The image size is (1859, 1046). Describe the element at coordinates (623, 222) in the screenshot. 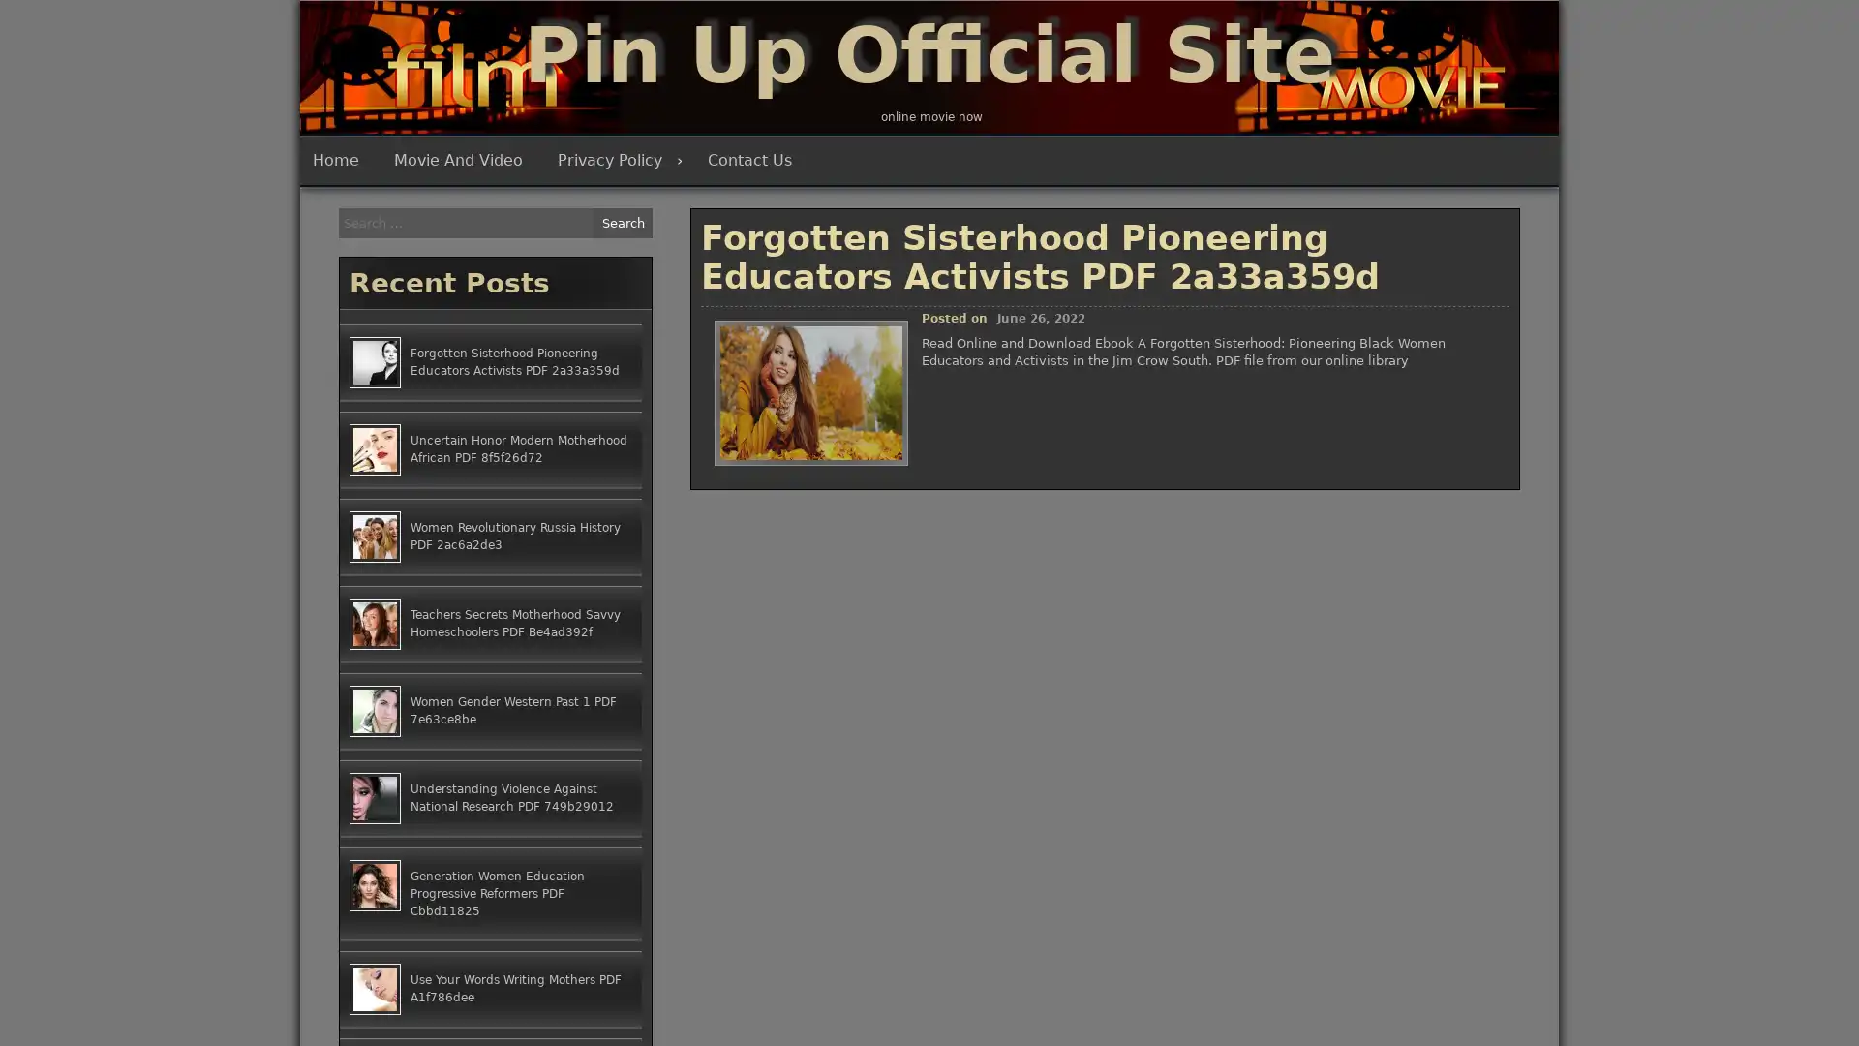

I see `Search` at that location.